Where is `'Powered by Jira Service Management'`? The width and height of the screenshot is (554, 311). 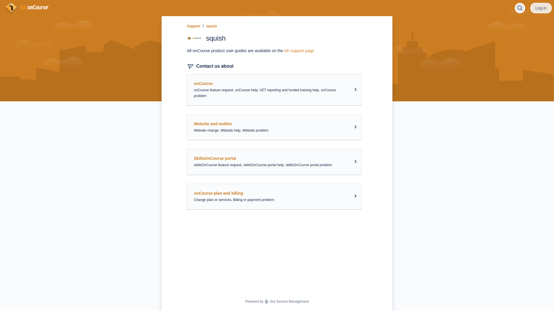
'Powered by Jira Service Management' is located at coordinates (276, 301).